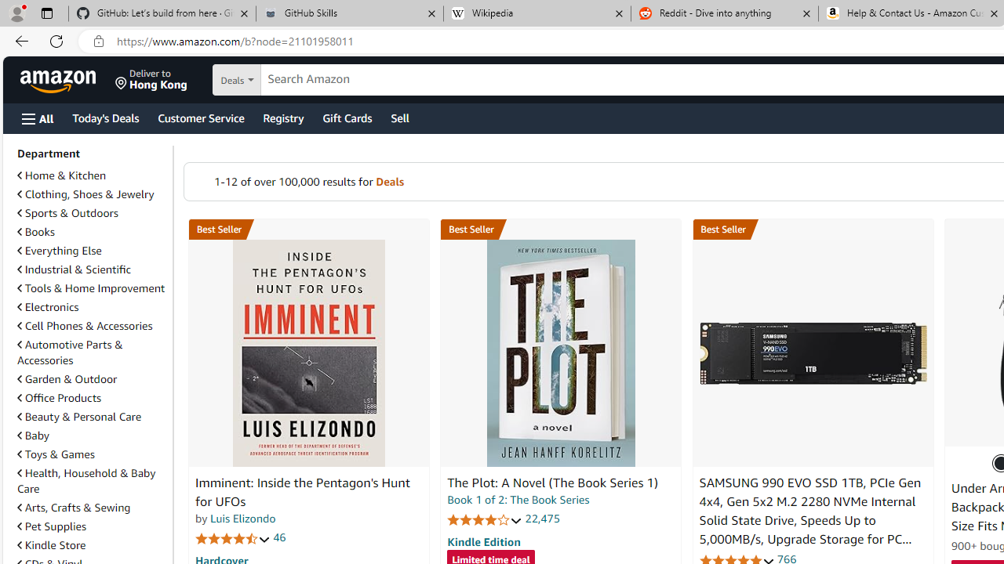  What do you see at coordinates (308, 230) in the screenshot?
I see `'Best Seller in Unexplained Mysteries'` at bounding box center [308, 230].